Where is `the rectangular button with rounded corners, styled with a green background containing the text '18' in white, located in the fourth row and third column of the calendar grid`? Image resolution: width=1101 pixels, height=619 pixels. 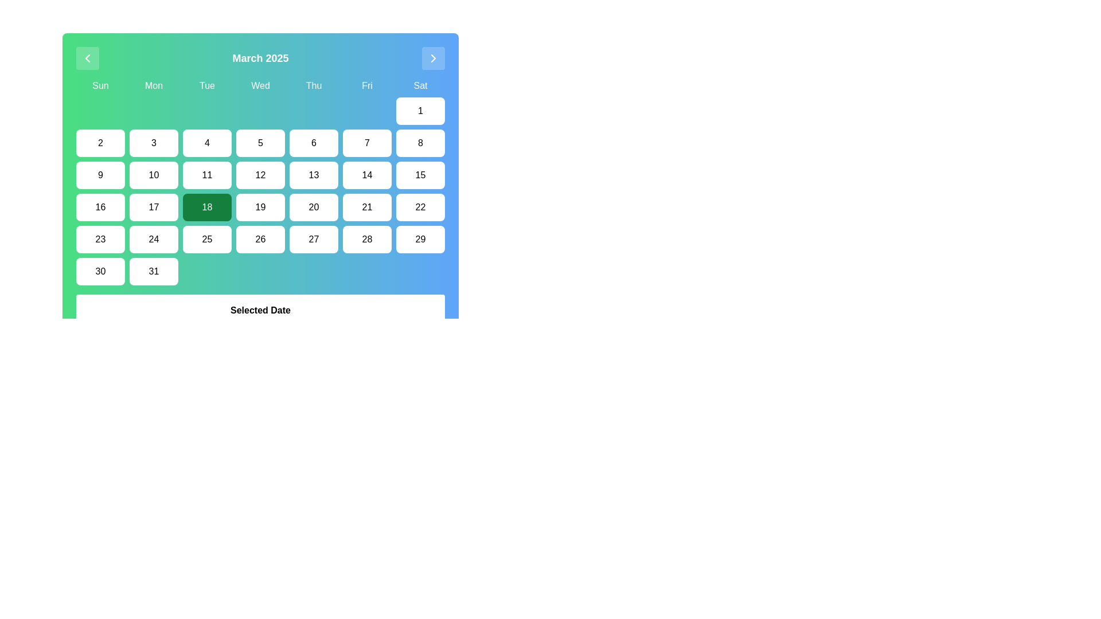 the rectangular button with rounded corners, styled with a green background containing the text '18' in white, located in the fourth row and third column of the calendar grid is located at coordinates (207, 207).